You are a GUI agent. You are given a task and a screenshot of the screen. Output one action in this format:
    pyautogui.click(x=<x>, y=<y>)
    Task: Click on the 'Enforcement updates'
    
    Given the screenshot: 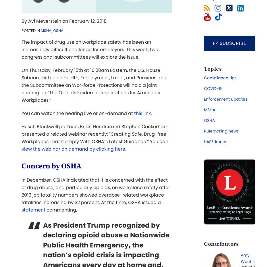 What is the action you would take?
    pyautogui.click(x=225, y=99)
    